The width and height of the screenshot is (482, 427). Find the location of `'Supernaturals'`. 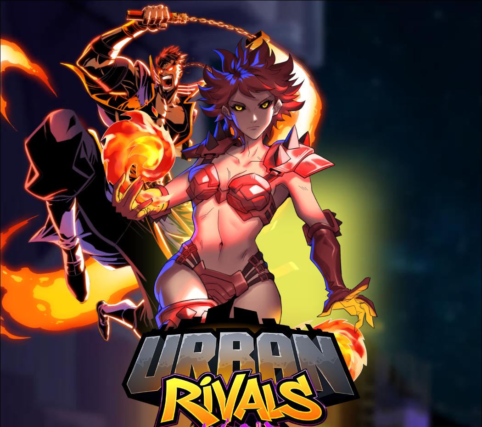

'Supernaturals' is located at coordinates (263, 235).